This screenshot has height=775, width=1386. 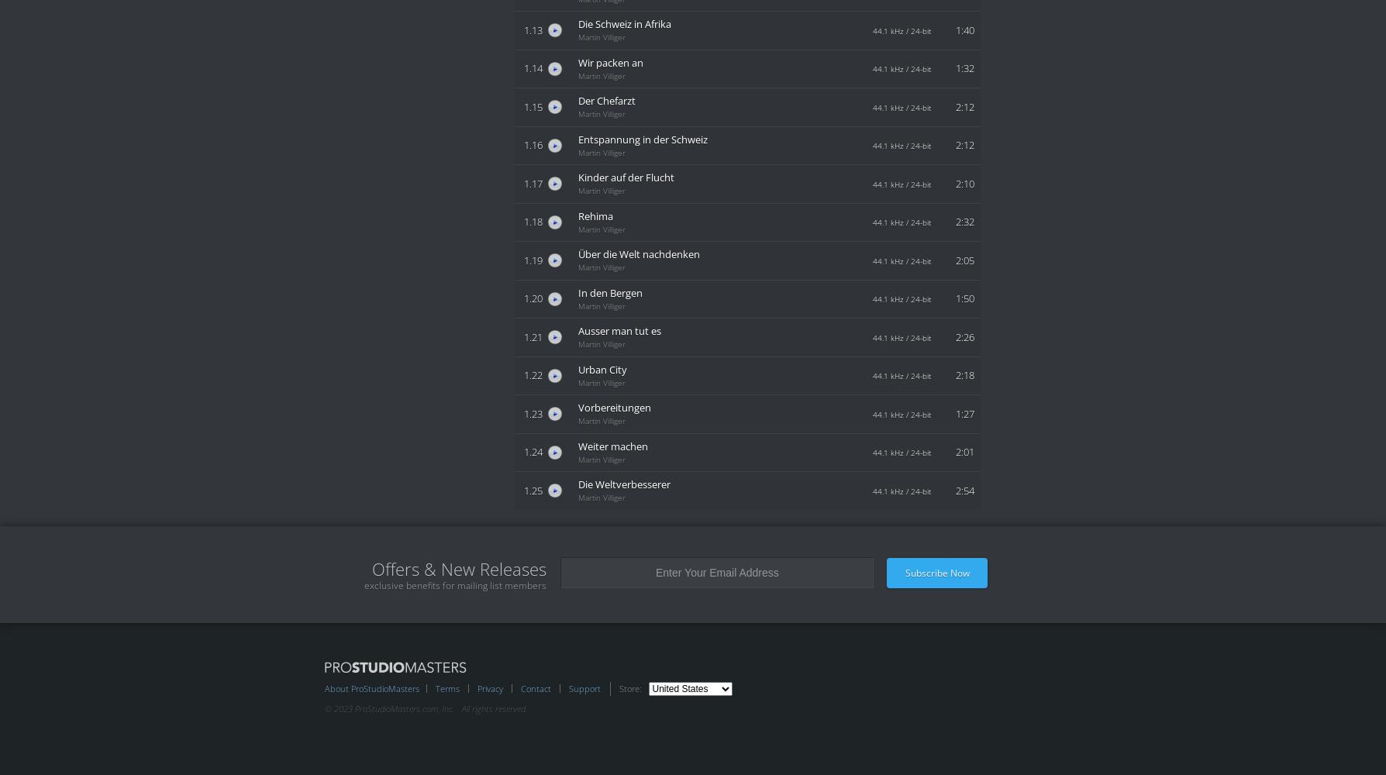 I want to click on 'Urban City', so click(x=602, y=368).